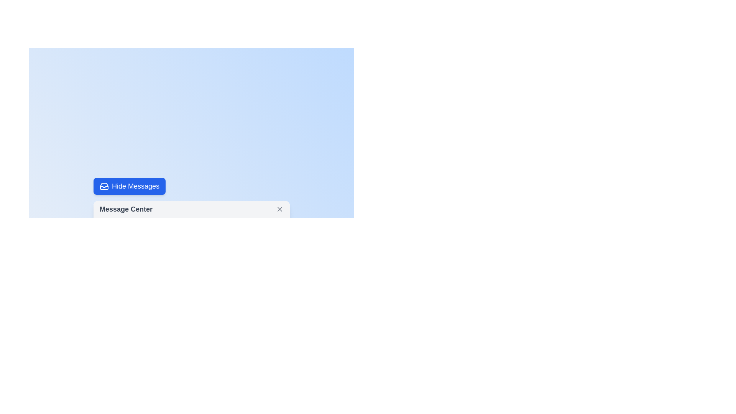  What do you see at coordinates (104, 186) in the screenshot?
I see `the inbox icon, which is a small icon resembling an inbox with a clean outline on a blue background, located inside the 'Hide Messages' button` at bounding box center [104, 186].